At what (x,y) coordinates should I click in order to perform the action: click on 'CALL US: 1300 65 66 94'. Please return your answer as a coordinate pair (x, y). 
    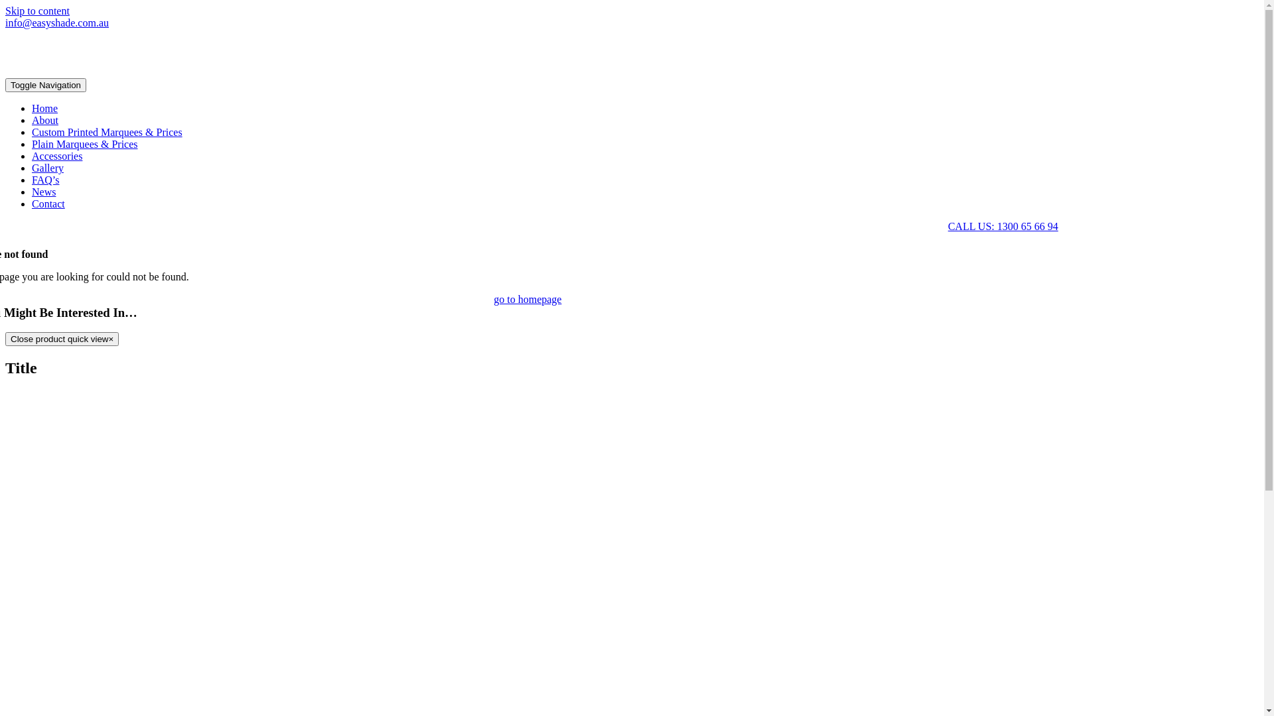
    Looking at the image, I should click on (1003, 225).